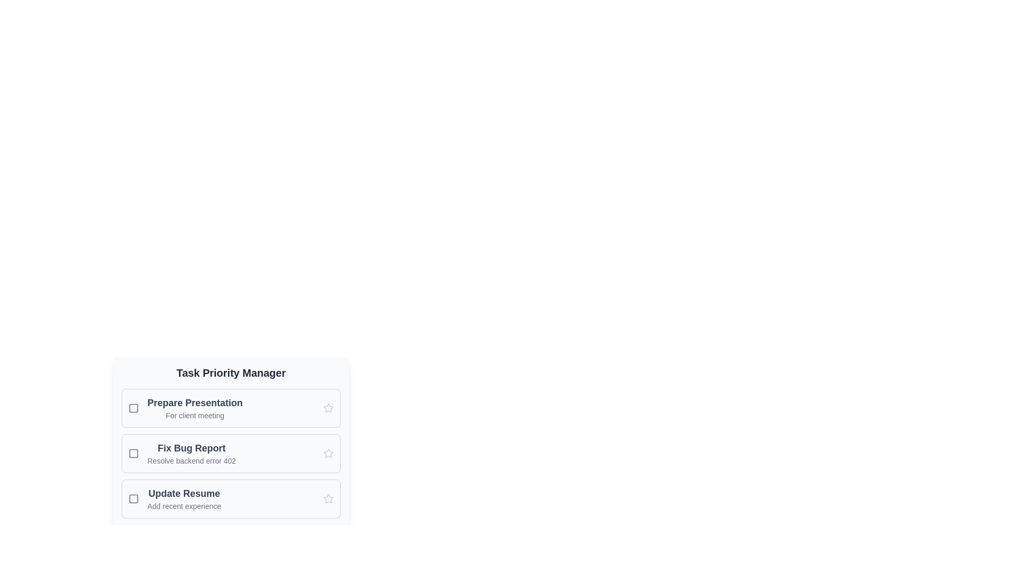  What do you see at coordinates (230, 435) in the screenshot?
I see `the checkbox of the Interactive Task Item located in the lower-central region of the interface, which is the second item in a vertical list of tasks` at bounding box center [230, 435].